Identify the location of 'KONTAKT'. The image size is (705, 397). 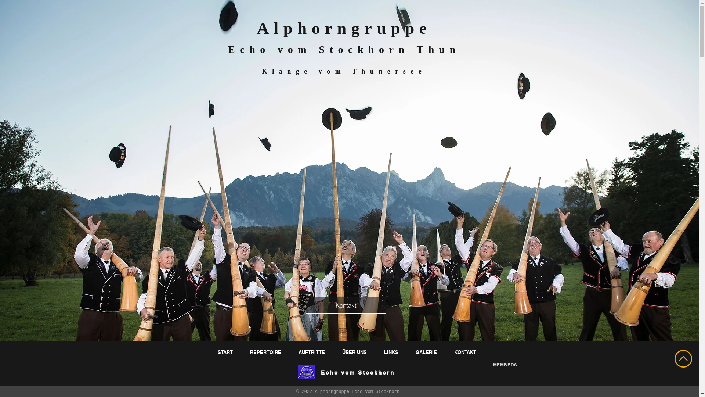
(466, 352).